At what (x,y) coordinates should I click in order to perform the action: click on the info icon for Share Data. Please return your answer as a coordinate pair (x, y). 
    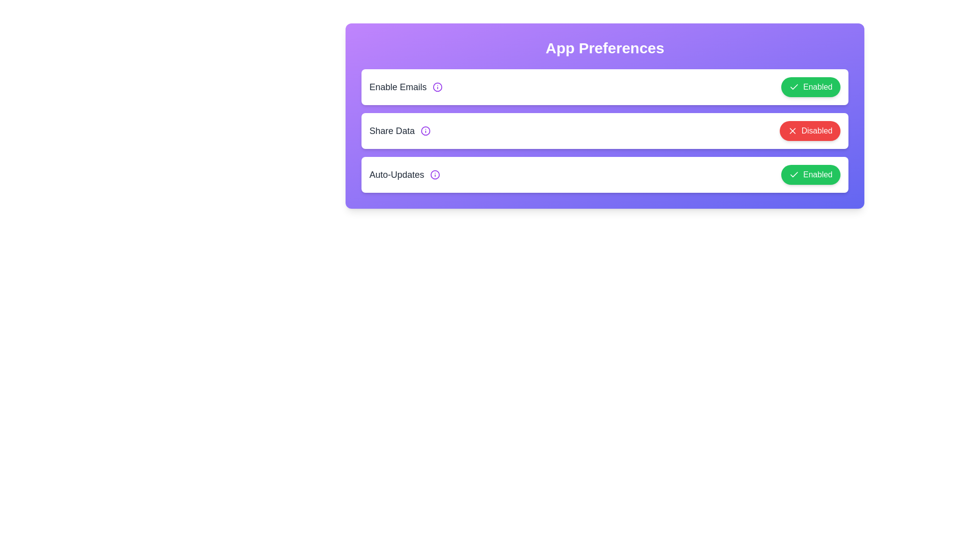
    Looking at the image, I should click on (425, 130).